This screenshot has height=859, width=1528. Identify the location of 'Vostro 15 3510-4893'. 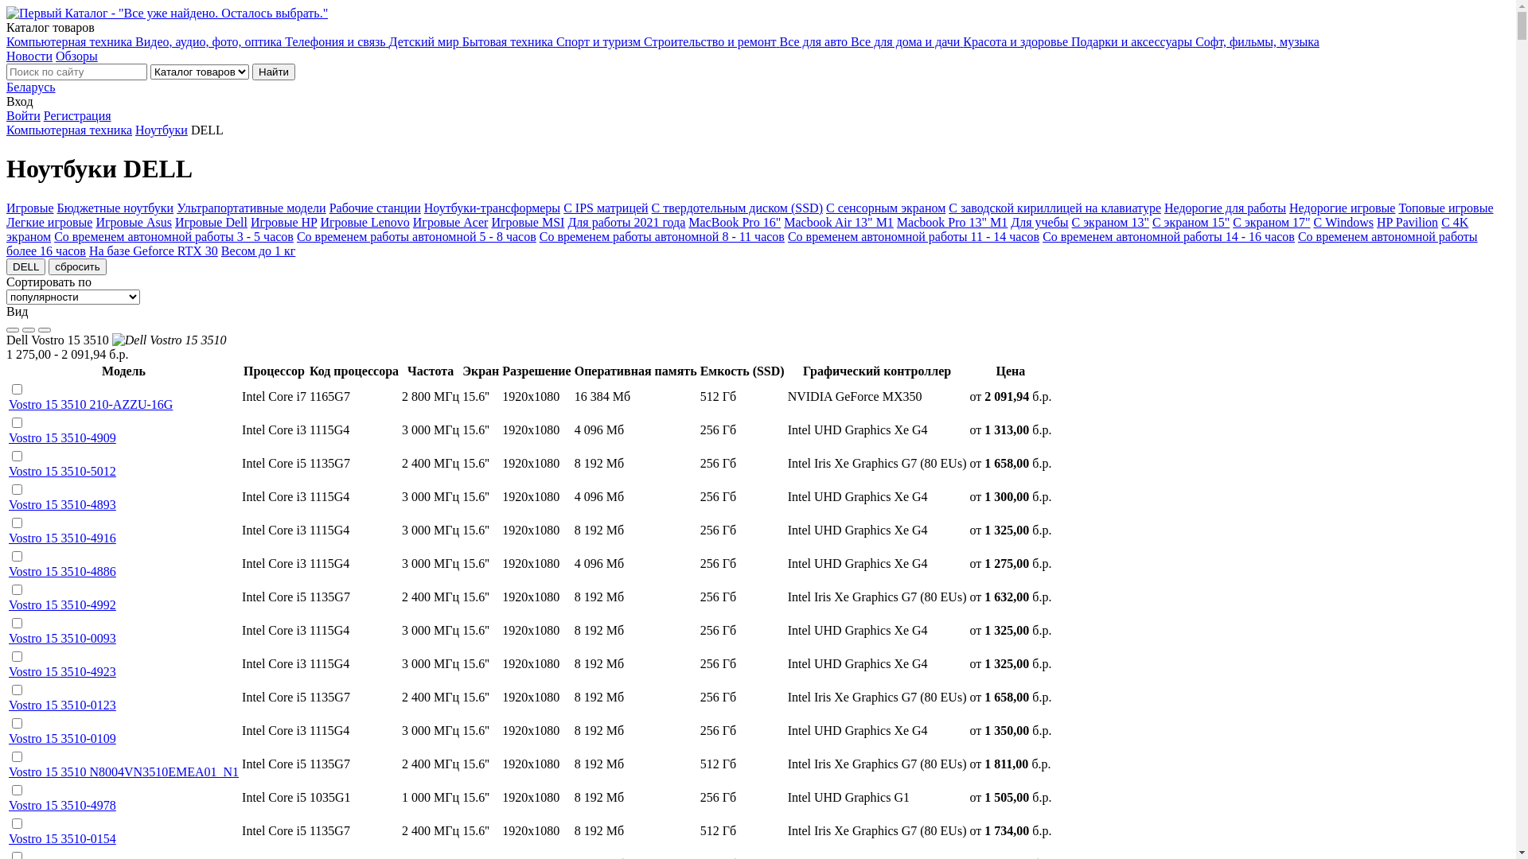
(62, 504).